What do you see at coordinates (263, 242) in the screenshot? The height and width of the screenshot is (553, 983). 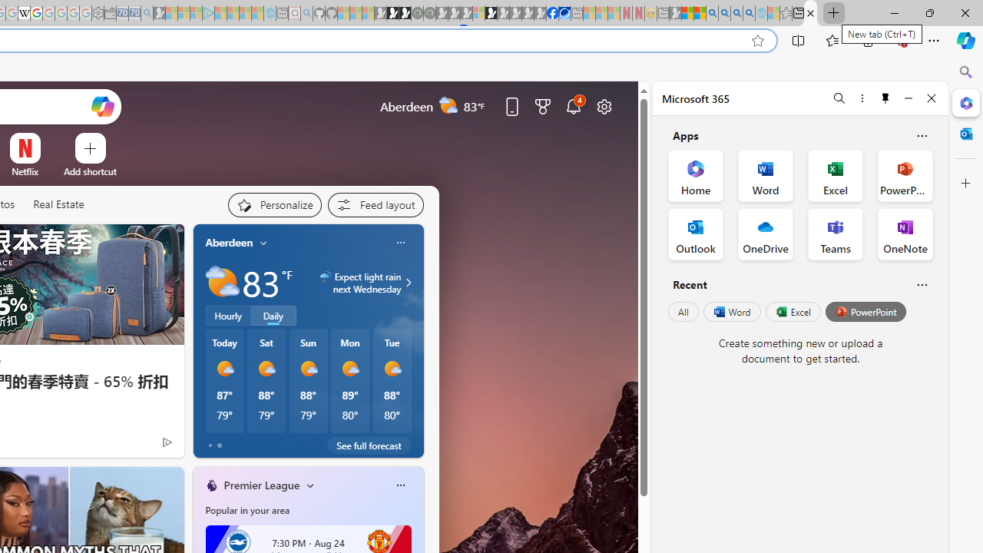 I see `'My location'` at bounding box center [263, 242].